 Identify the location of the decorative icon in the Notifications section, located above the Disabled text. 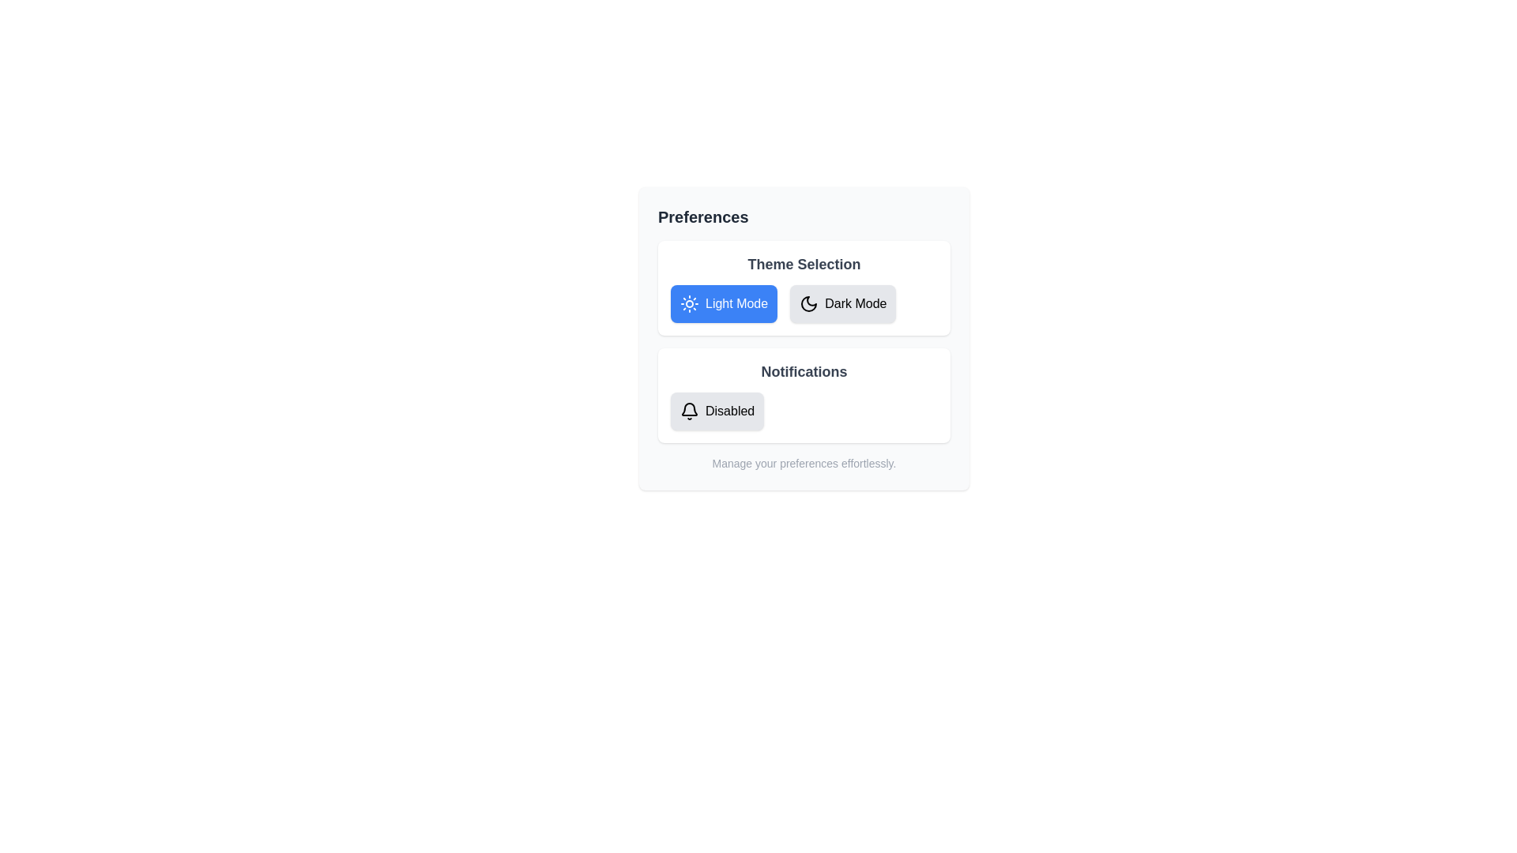
(690, 408).